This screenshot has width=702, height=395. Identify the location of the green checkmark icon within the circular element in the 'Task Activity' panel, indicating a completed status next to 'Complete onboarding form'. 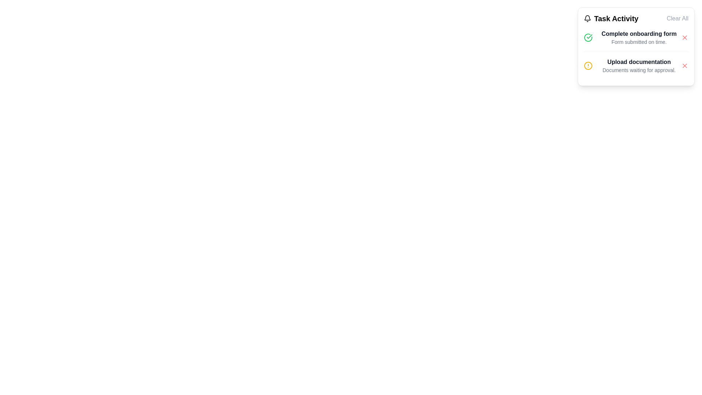
(589, 37).